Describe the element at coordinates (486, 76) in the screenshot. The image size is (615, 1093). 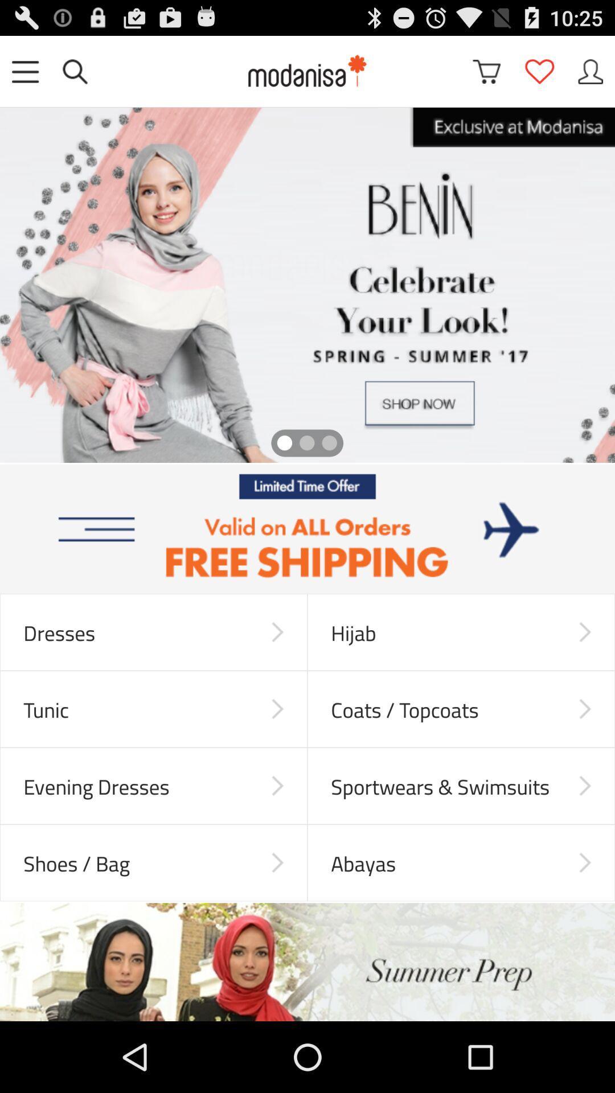
I see `the cart icon` at that location.